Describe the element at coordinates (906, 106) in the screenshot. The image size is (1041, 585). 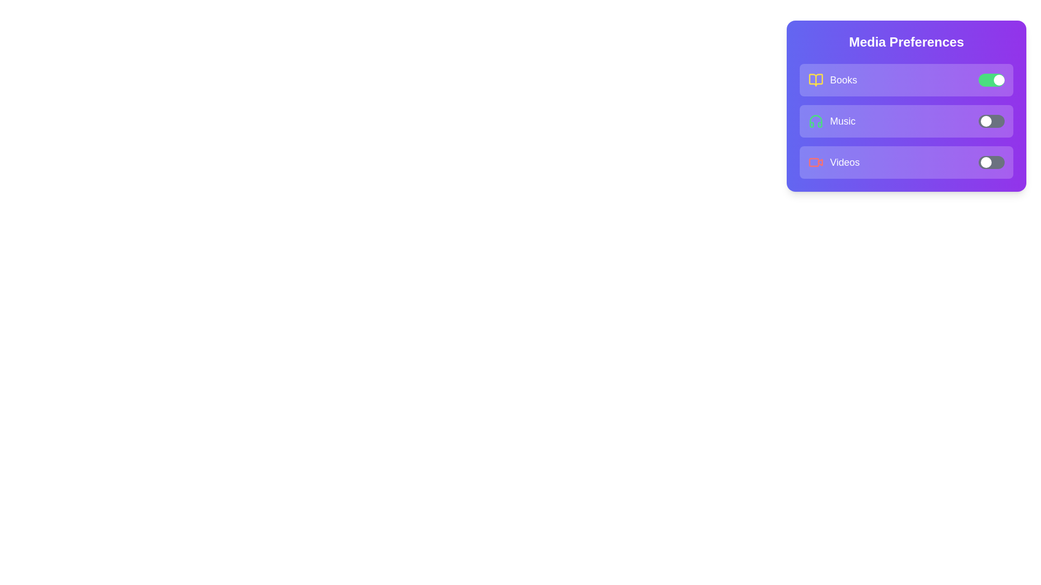
I see `the music preference toggle switch located in the second section of the settings panel` at that location.